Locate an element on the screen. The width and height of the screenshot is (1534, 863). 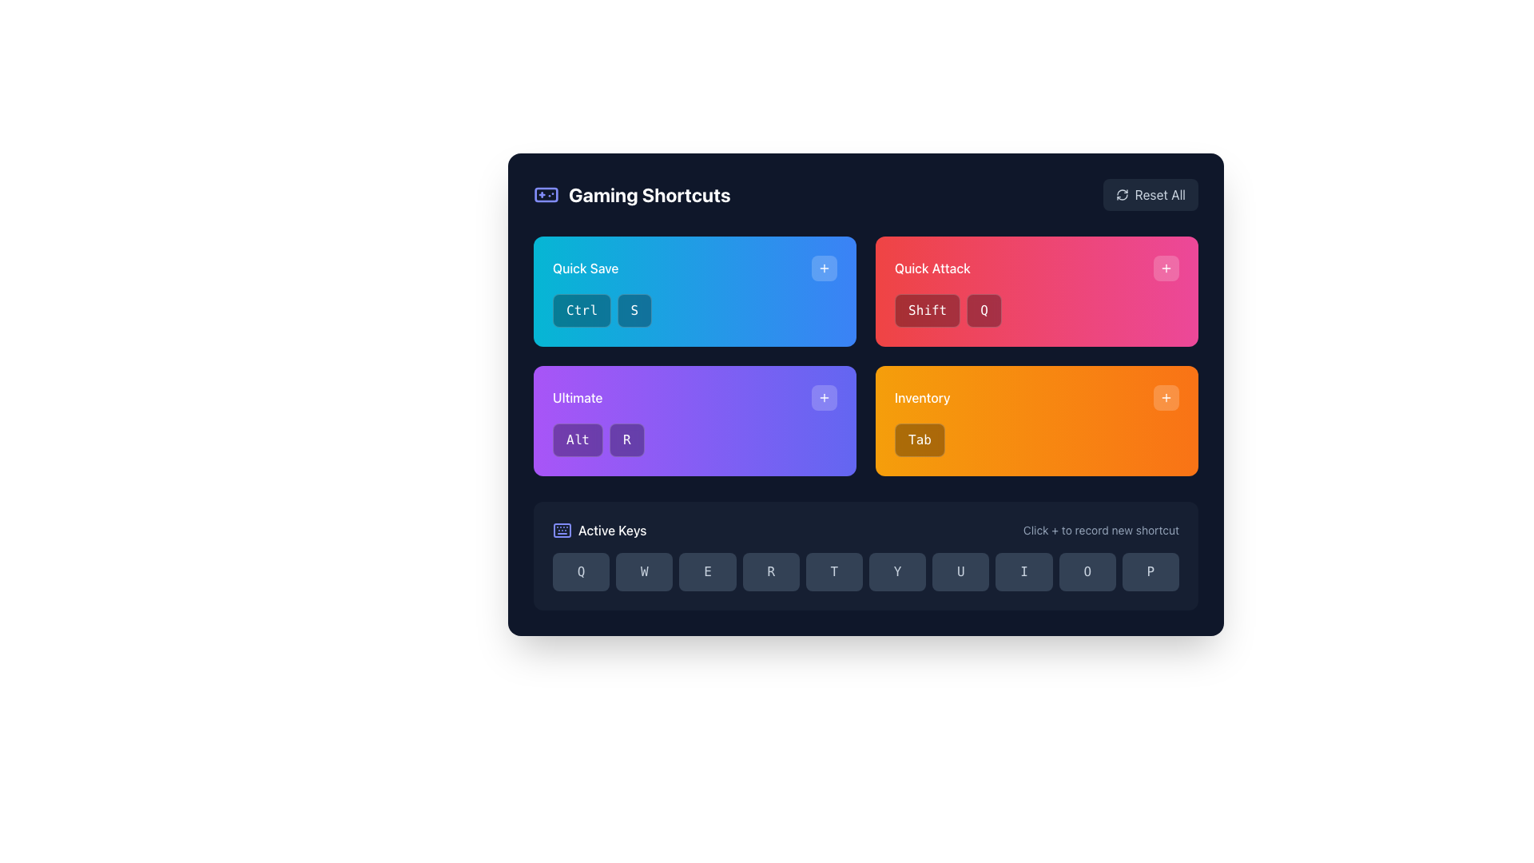
bold, white-colored text displaying 'Gaming Shortcuts' located near the top-left corner of the interface, right of a game controller icon is located at coordinates (650, 193).